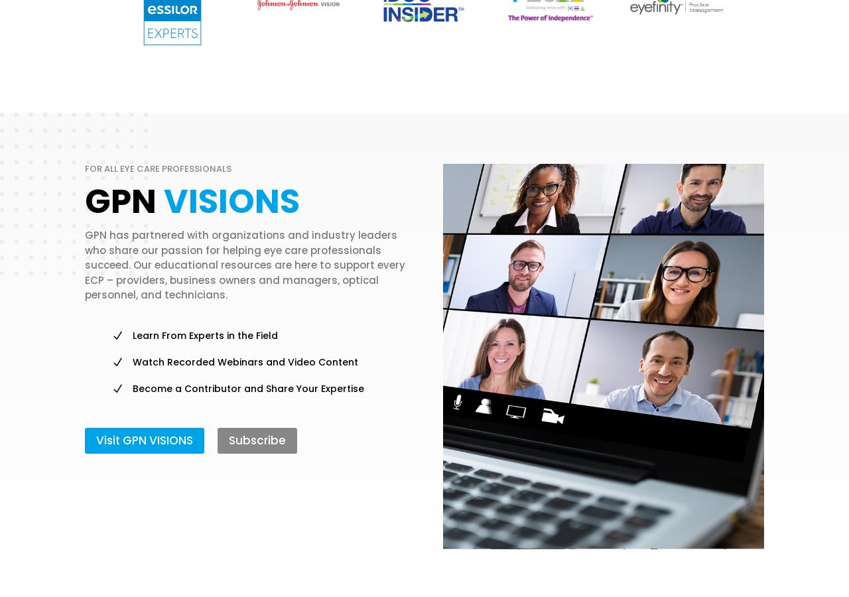 The image size is (849, 597). Describe the element at coordinates (144, 440) in the screenshot. I see `'Visit GPN VISIONS'` at that location.